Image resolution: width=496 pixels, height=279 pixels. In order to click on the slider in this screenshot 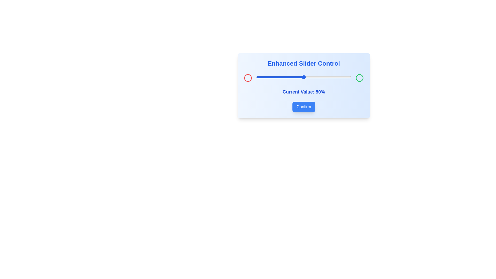, I will do `click(347, 77)`.